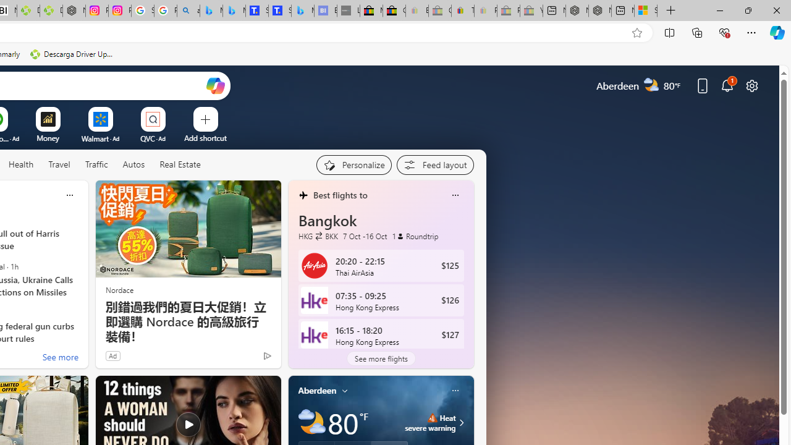  I want to click on 'Click to see more information', so click(459, 422).